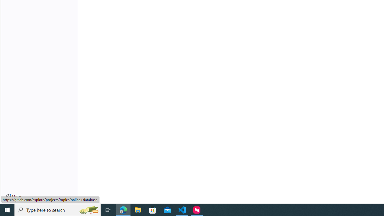 The width and height of the screenshot is (384, 216). I want to click on 'Help', so click(13, 196).